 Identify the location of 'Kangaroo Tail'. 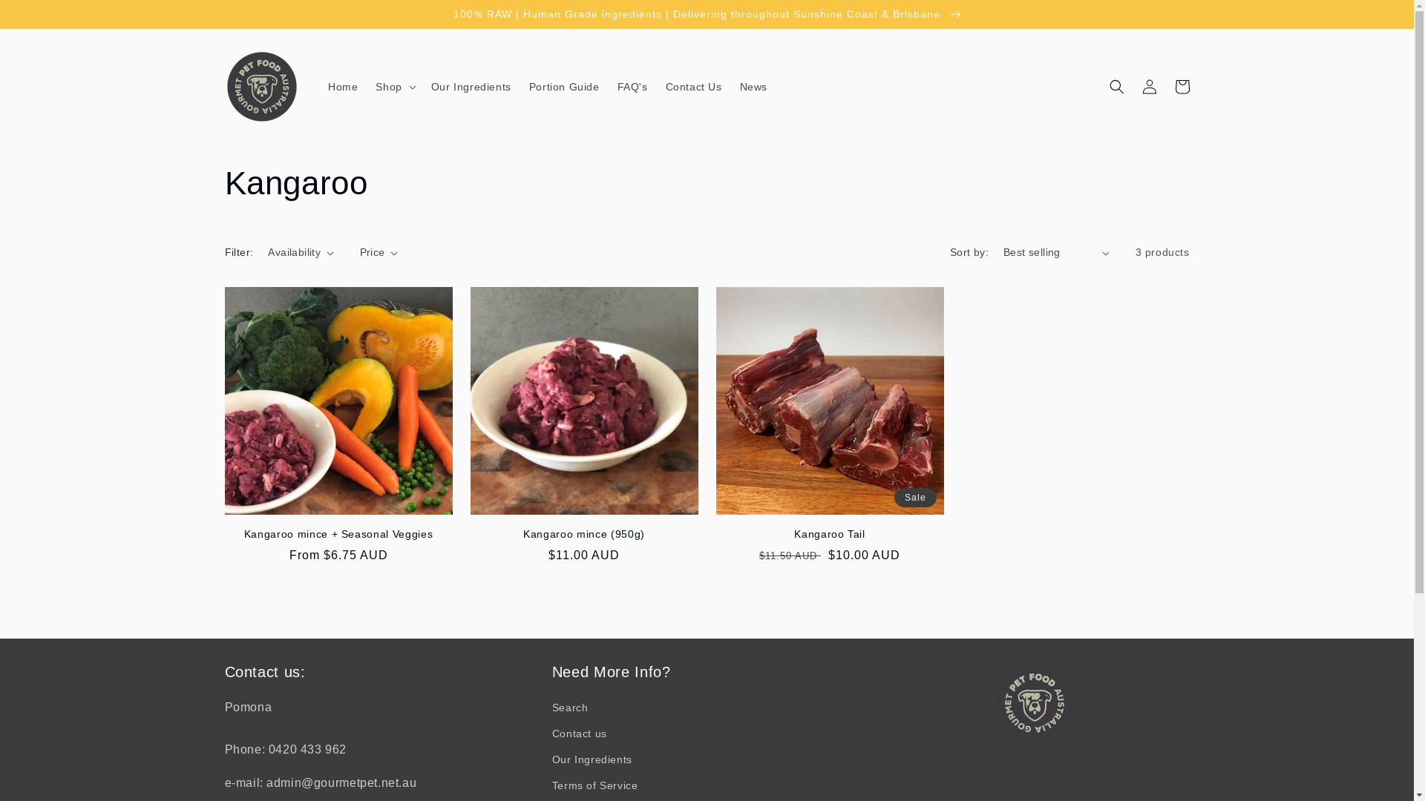
(828, 534).